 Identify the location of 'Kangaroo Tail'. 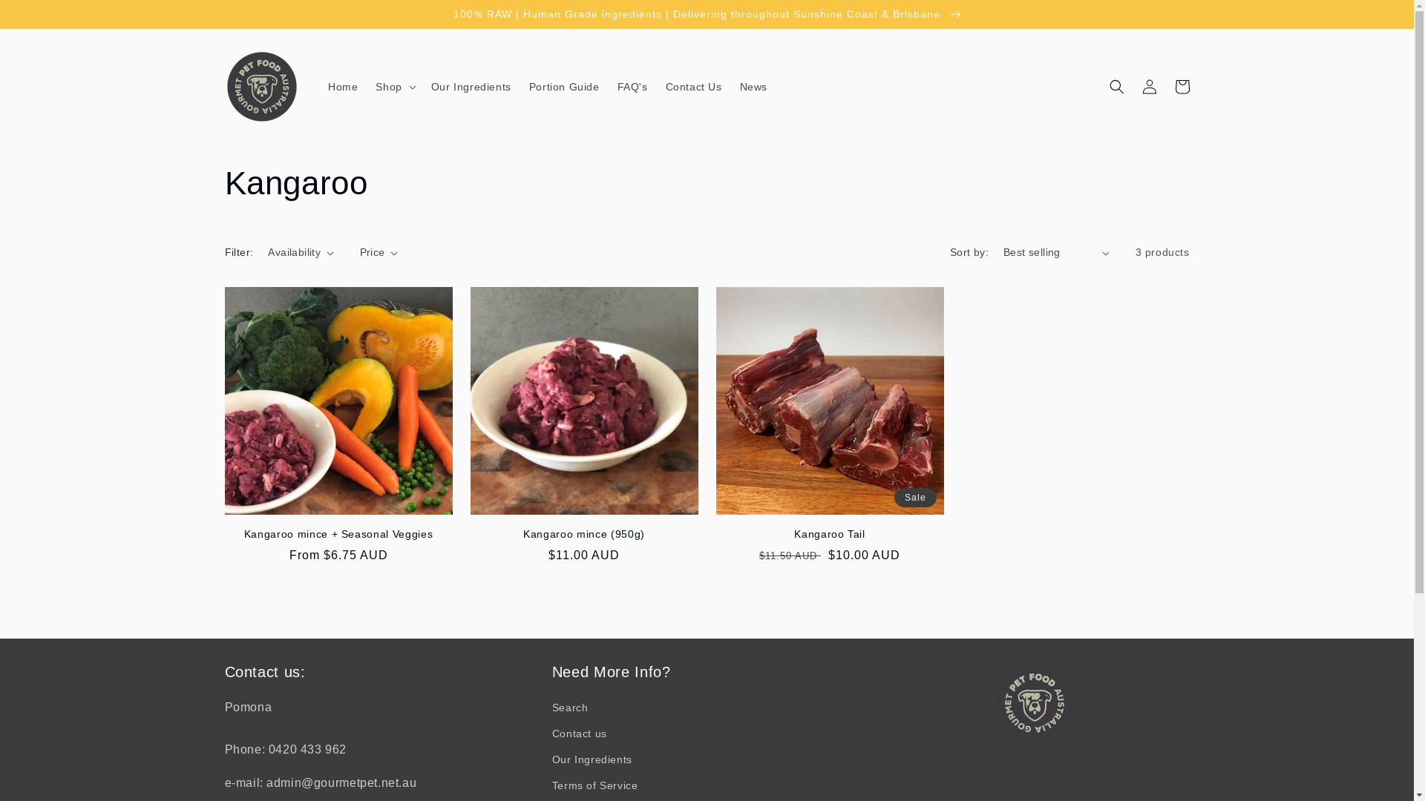
(828, 534).